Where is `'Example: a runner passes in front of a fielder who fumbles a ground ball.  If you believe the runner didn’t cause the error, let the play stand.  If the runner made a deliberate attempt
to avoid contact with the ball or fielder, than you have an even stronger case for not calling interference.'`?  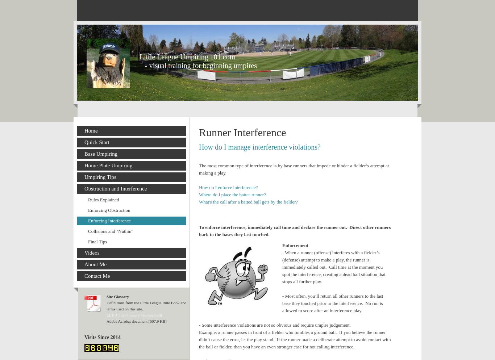 'Example: a runner passes in front of a fielder who fumbles a ground ball.  If you believe the runner didn’t cause the error, let the play stand.  If the runner made a deliberate attempt
to avoid contact with the ball or fielder, than you have an even stronger case for not calling interference.' is located at coordinates (294, 339).